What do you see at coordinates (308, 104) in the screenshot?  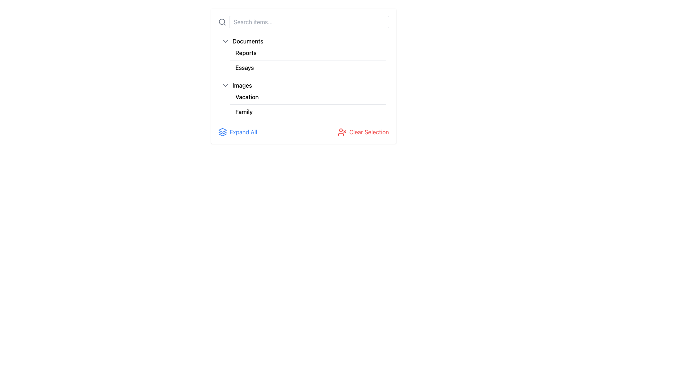 I see `the 'Vacation' and 'Family' list item pair within the 'Images' category` at bounding box center [308, 104].